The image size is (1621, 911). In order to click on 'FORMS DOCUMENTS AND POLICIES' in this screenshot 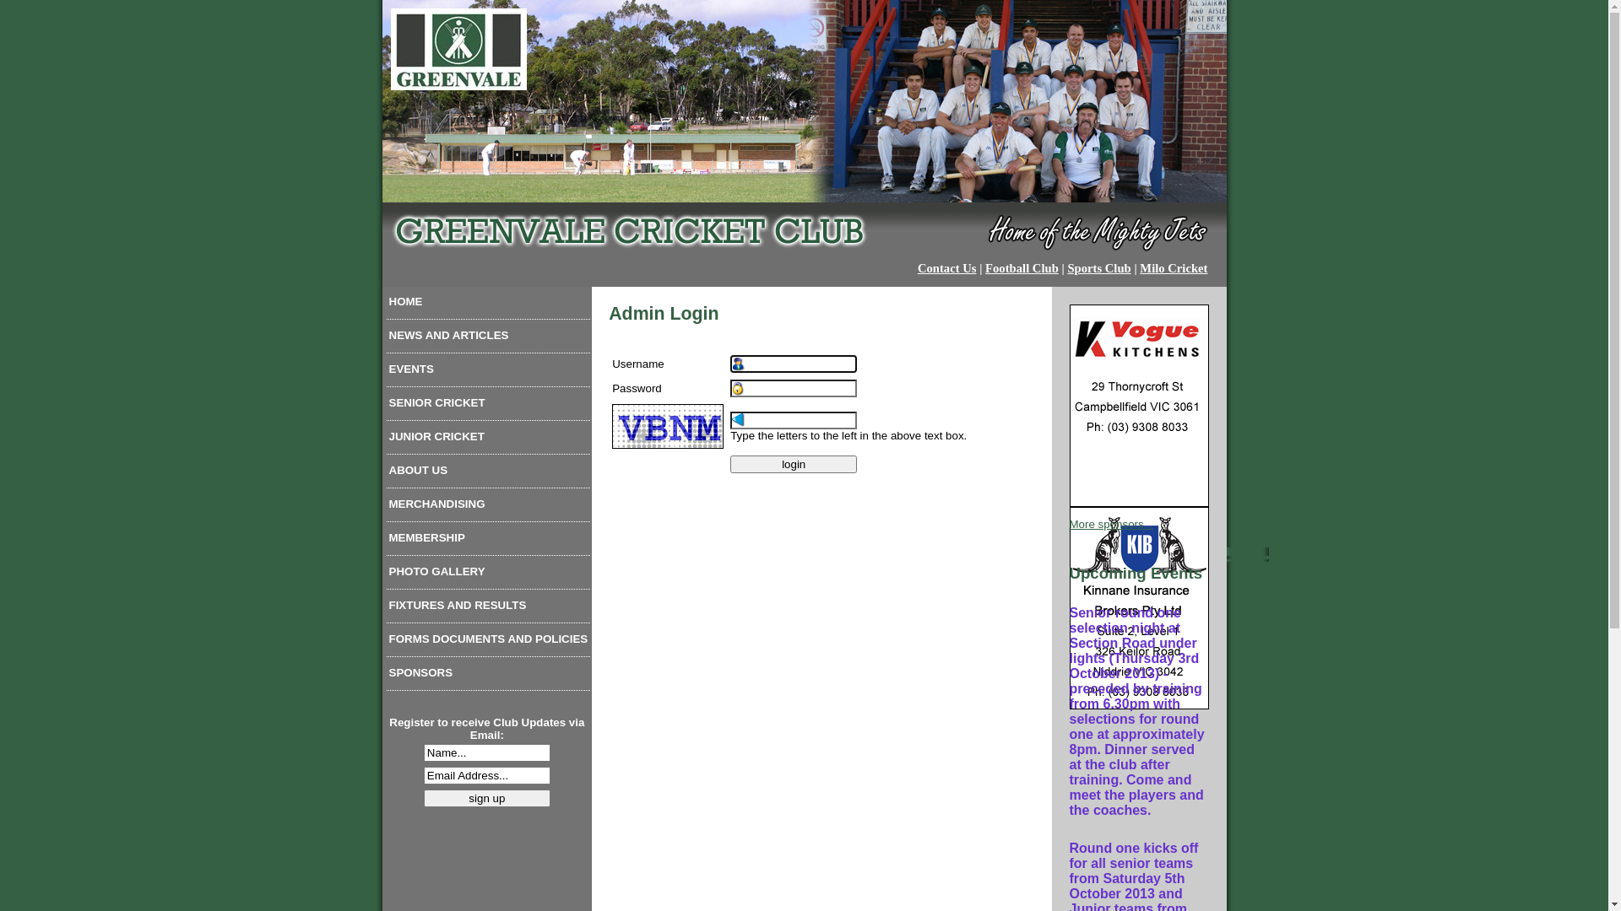, I will do `click(488, 643)`.